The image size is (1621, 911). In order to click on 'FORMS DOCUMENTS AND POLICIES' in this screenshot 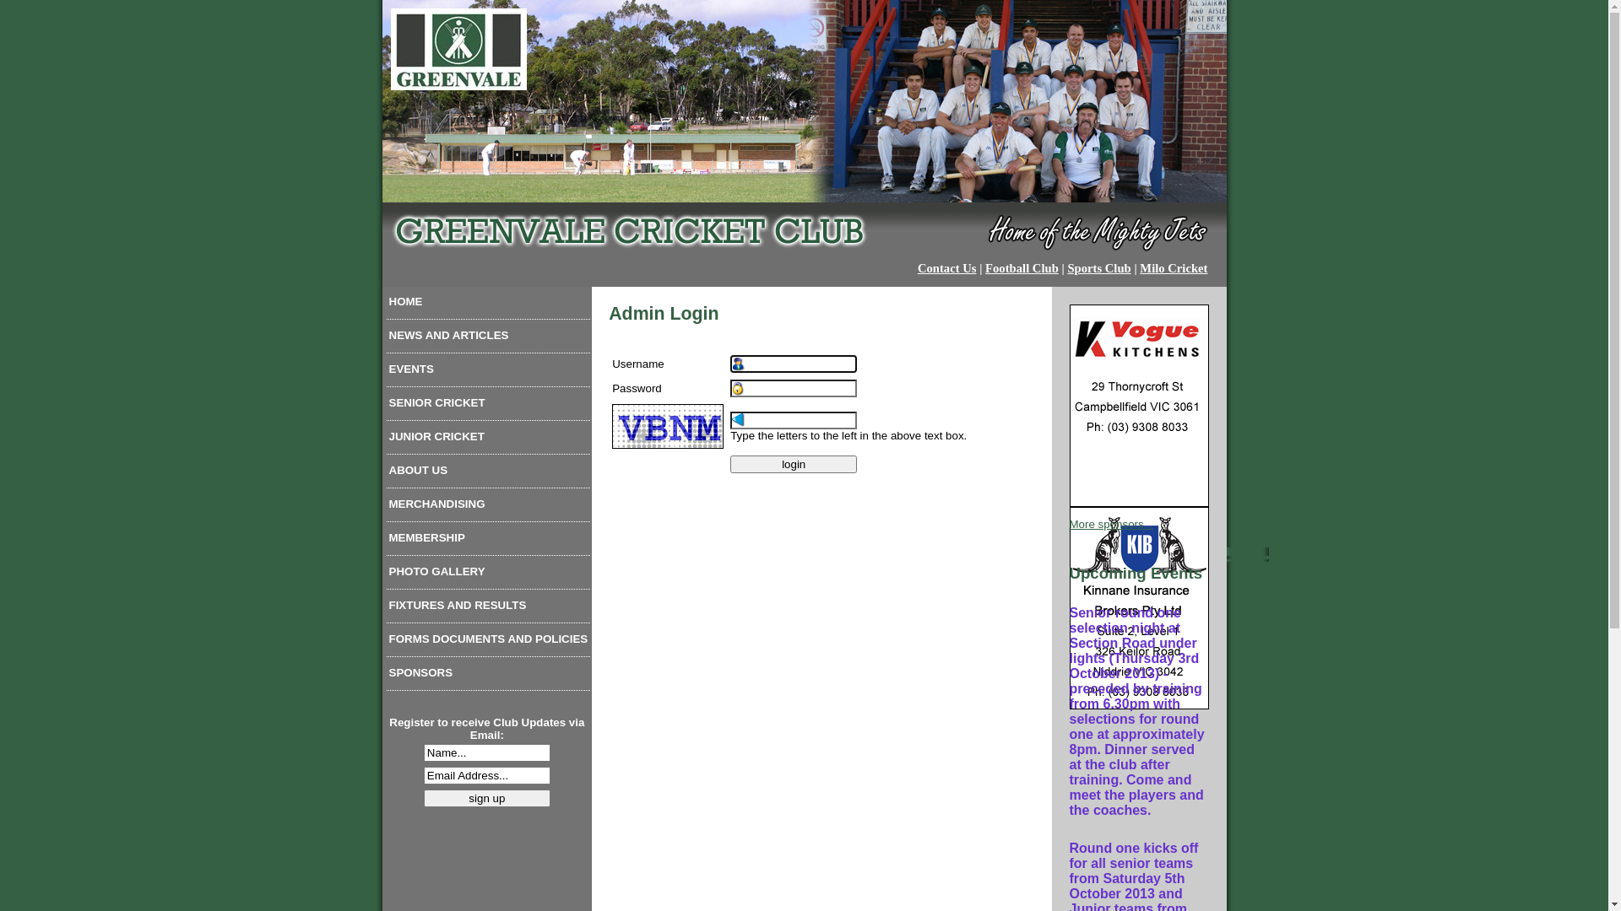, I will do `click(488, 643)`.